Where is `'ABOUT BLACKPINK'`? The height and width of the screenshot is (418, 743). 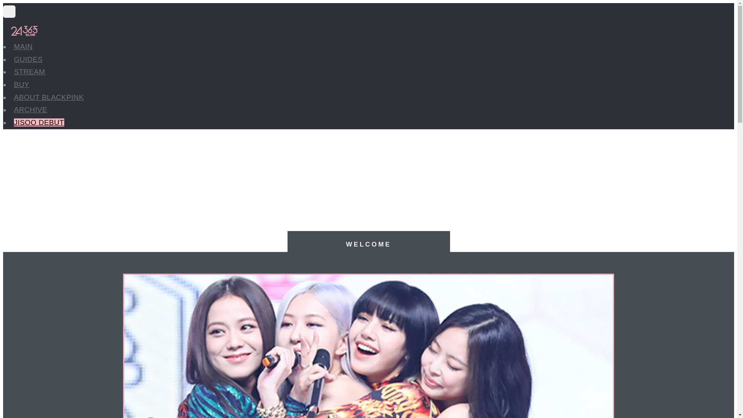 'ABOUT BLACKPINK' is located at coordinates (14, 97).